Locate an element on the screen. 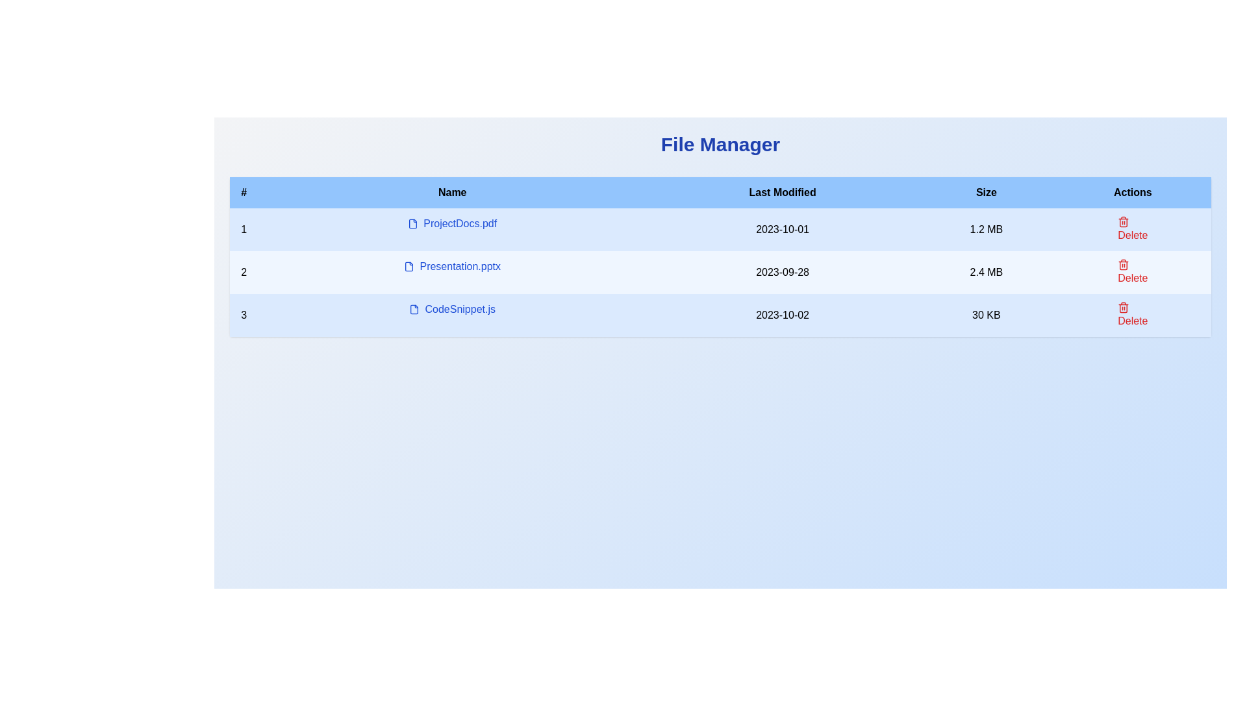 Image resolution: width=1247 pixels, height=701 pixels. the delete button in the second row of the table, aligned with the 'Actions' header, to change its text color is located at coordinates (1132, 272).